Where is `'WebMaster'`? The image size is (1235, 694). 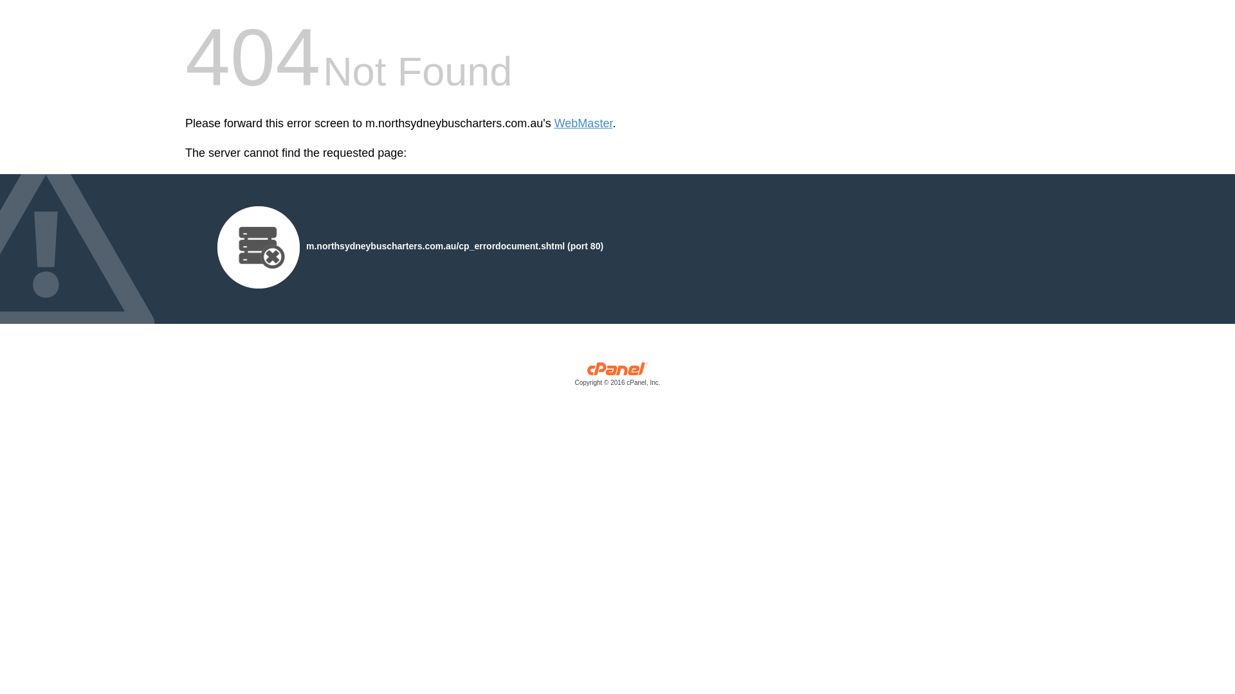
'WebMaster' is located at coordinates (583, 123).